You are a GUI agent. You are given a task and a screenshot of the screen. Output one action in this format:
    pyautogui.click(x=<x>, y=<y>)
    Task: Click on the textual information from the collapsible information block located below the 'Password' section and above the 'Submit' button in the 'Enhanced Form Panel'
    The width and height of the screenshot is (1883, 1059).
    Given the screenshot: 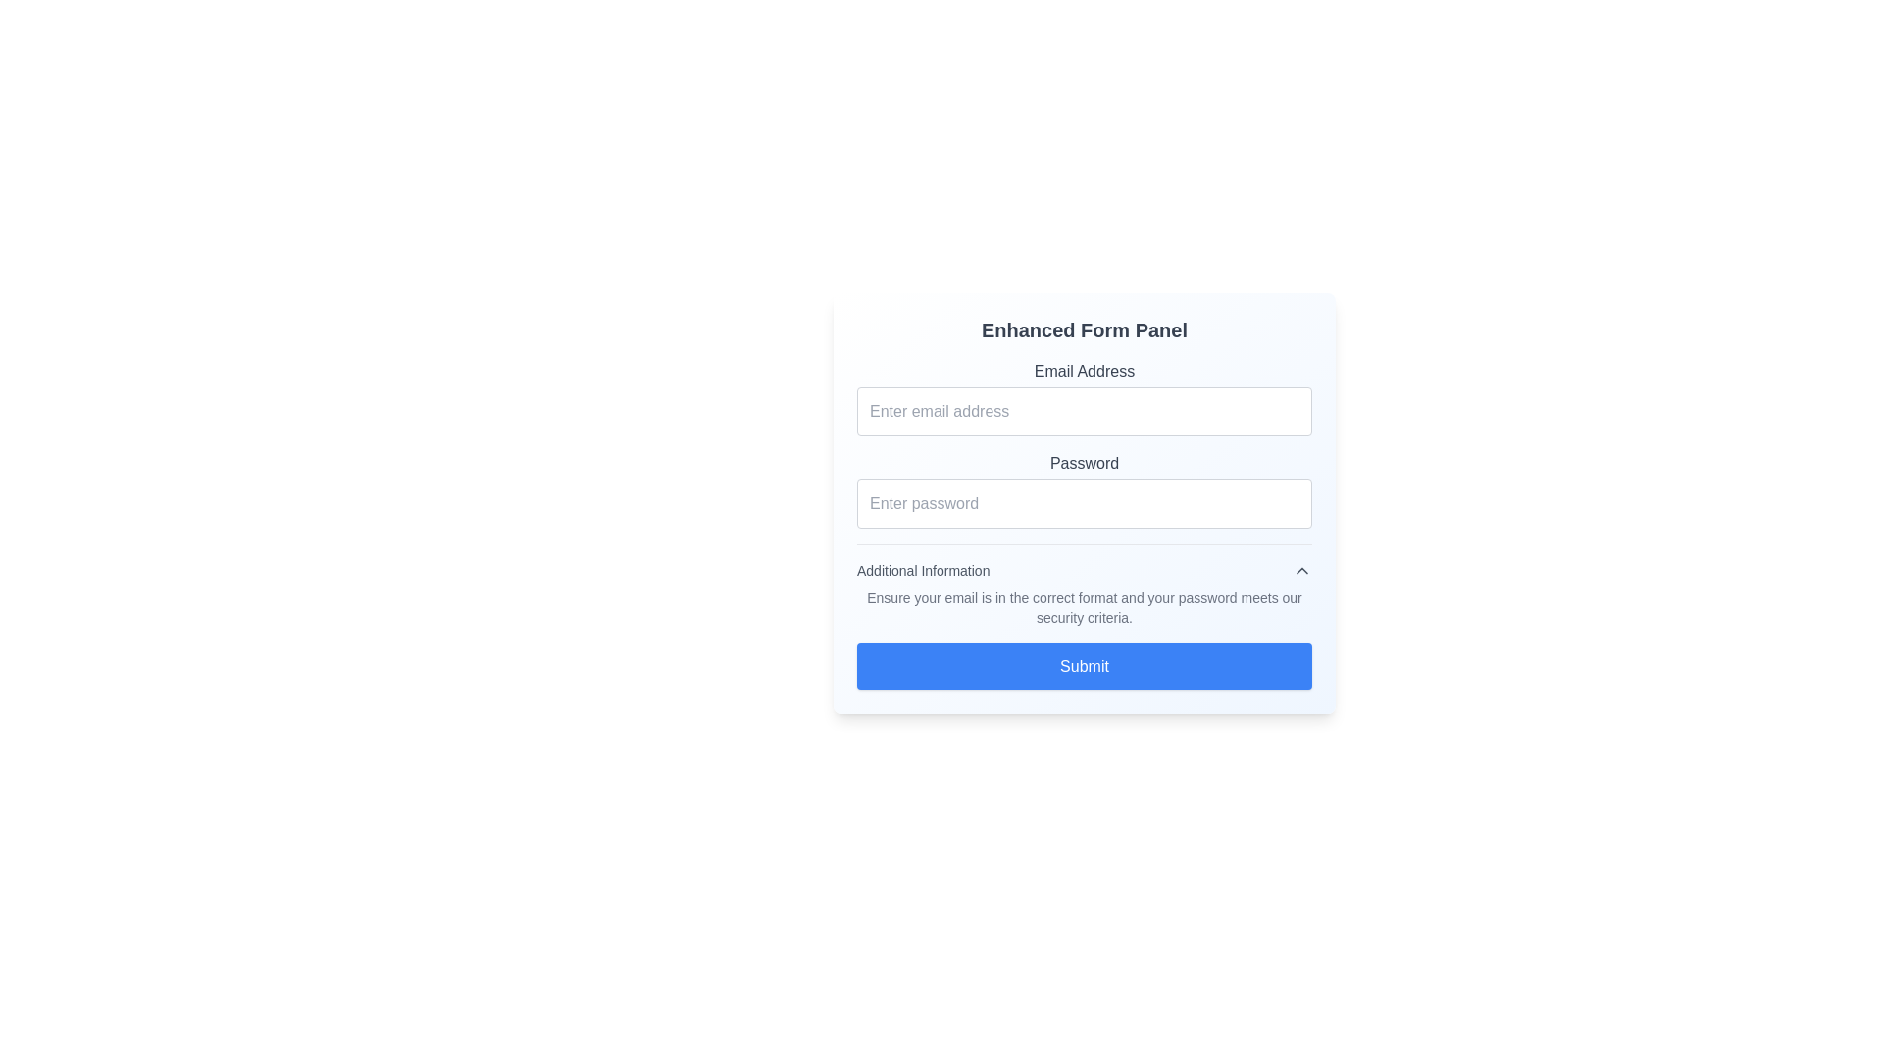 What is the action you would take?
    pyautogui.click(x=1083, y=584)
    